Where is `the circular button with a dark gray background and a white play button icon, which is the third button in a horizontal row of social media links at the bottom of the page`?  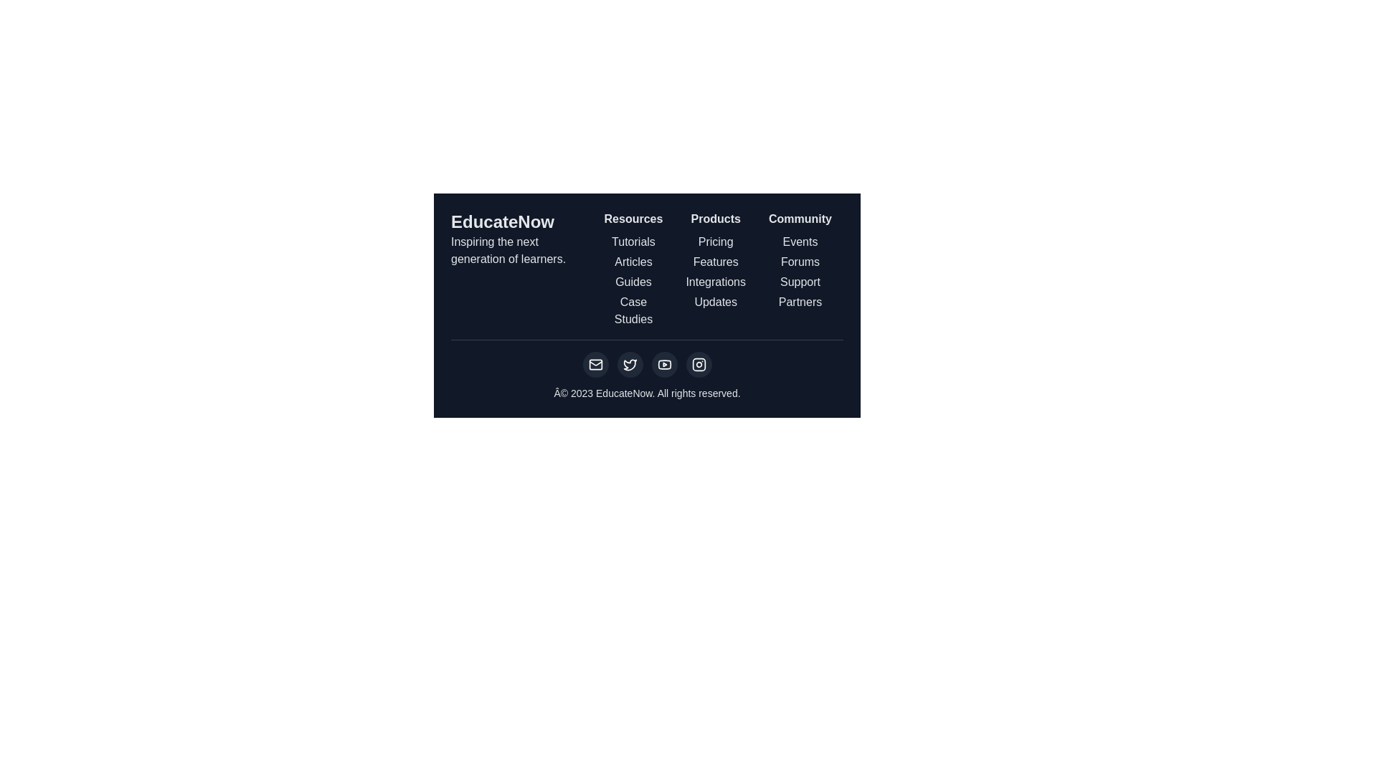
the circular button with a dark gray background and a white play button icon, which is the third button in a horizontal row of social media links at the bottom of the page is located at coordinates (663, 364).